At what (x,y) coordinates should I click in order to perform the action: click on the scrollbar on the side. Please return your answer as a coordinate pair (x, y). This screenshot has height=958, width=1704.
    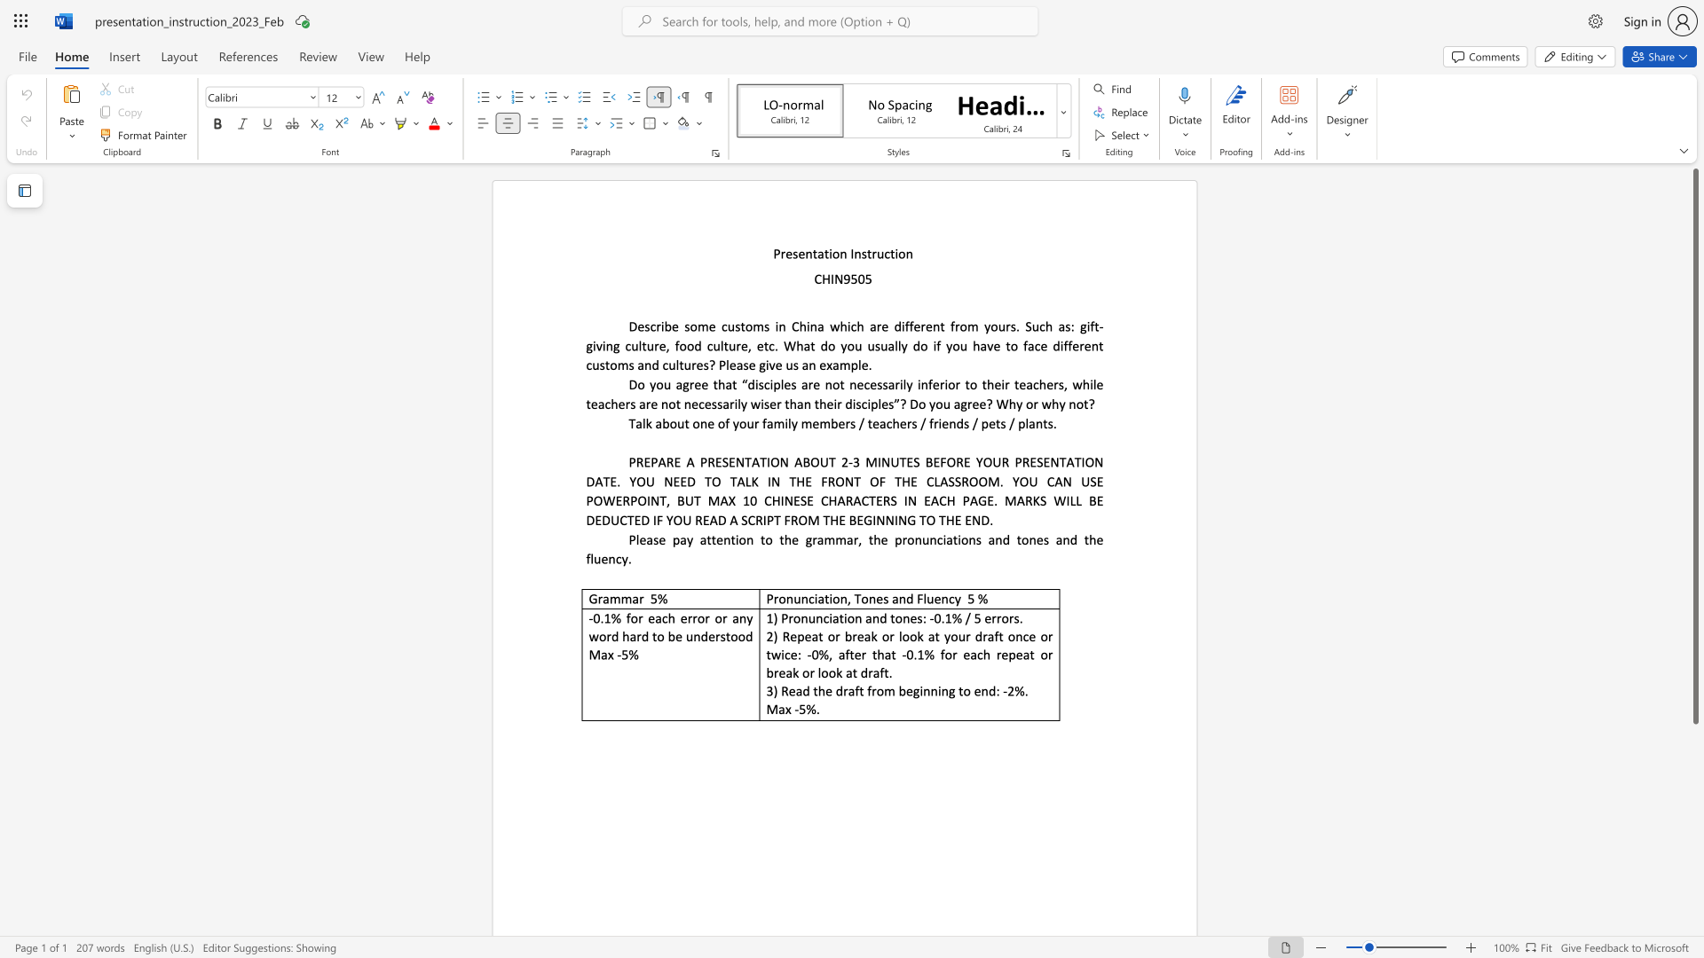
    Looking at the image, I should click on (1694, 797).